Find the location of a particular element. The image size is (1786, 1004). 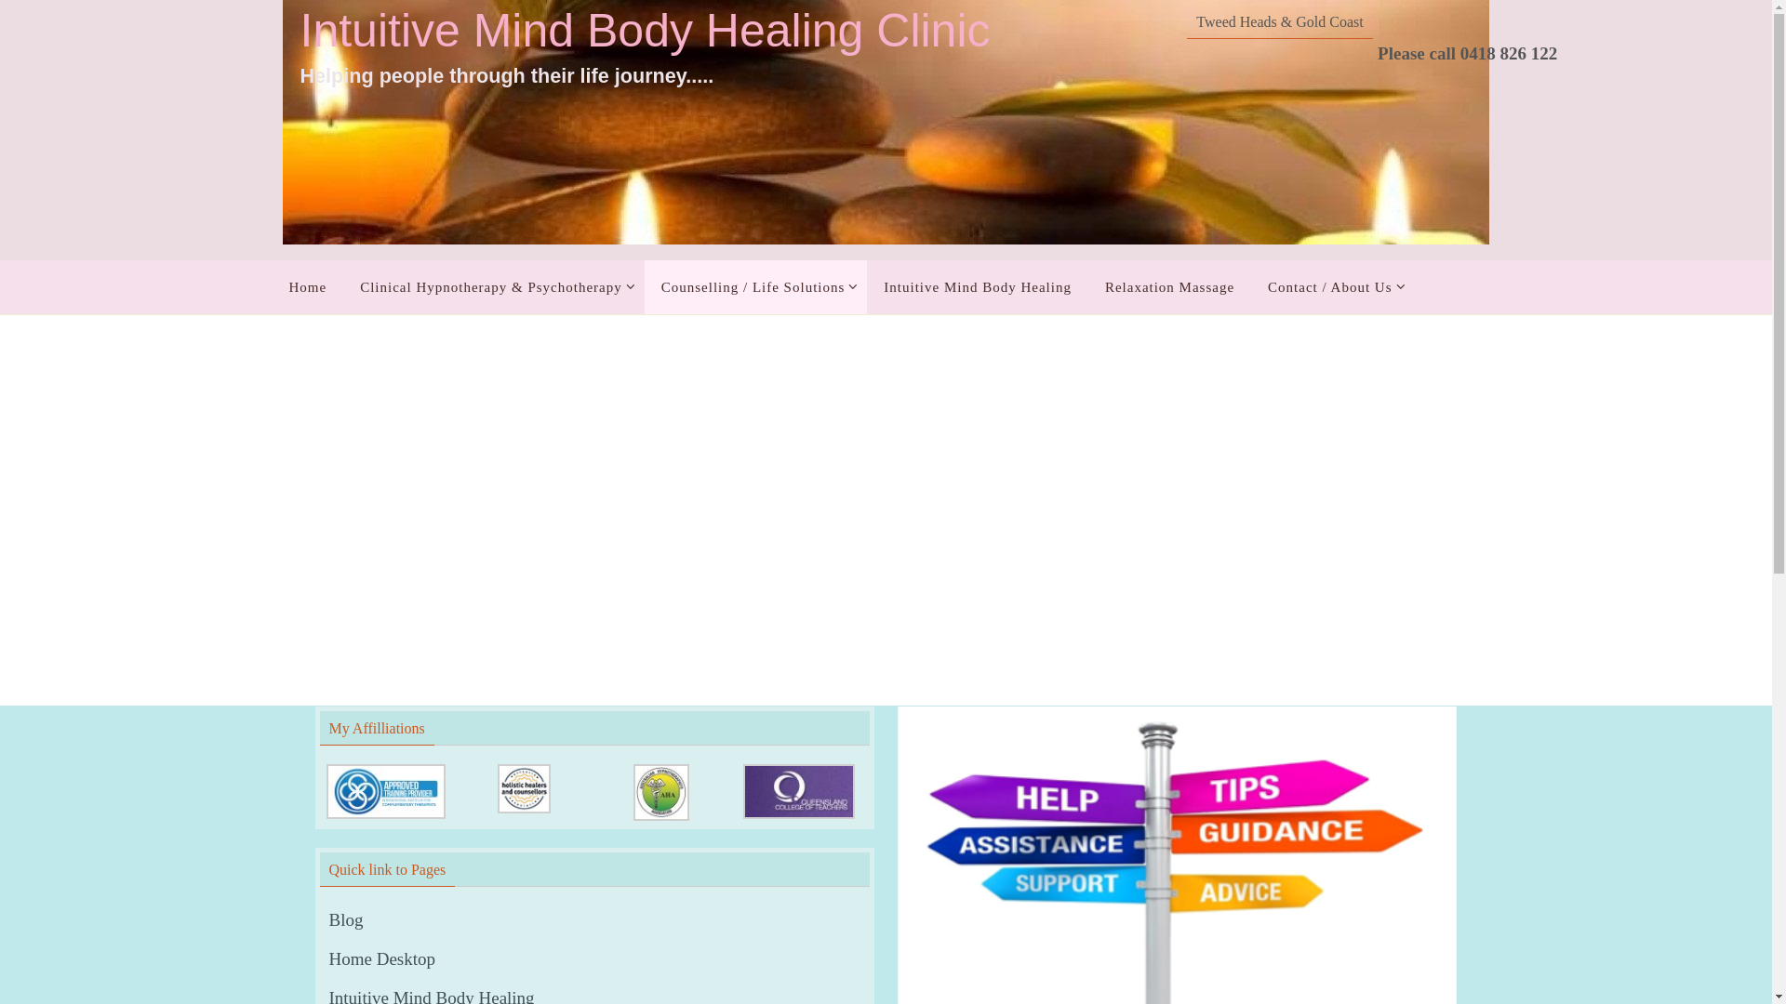

'Home Desktop' is located at coordinates (381, 959).